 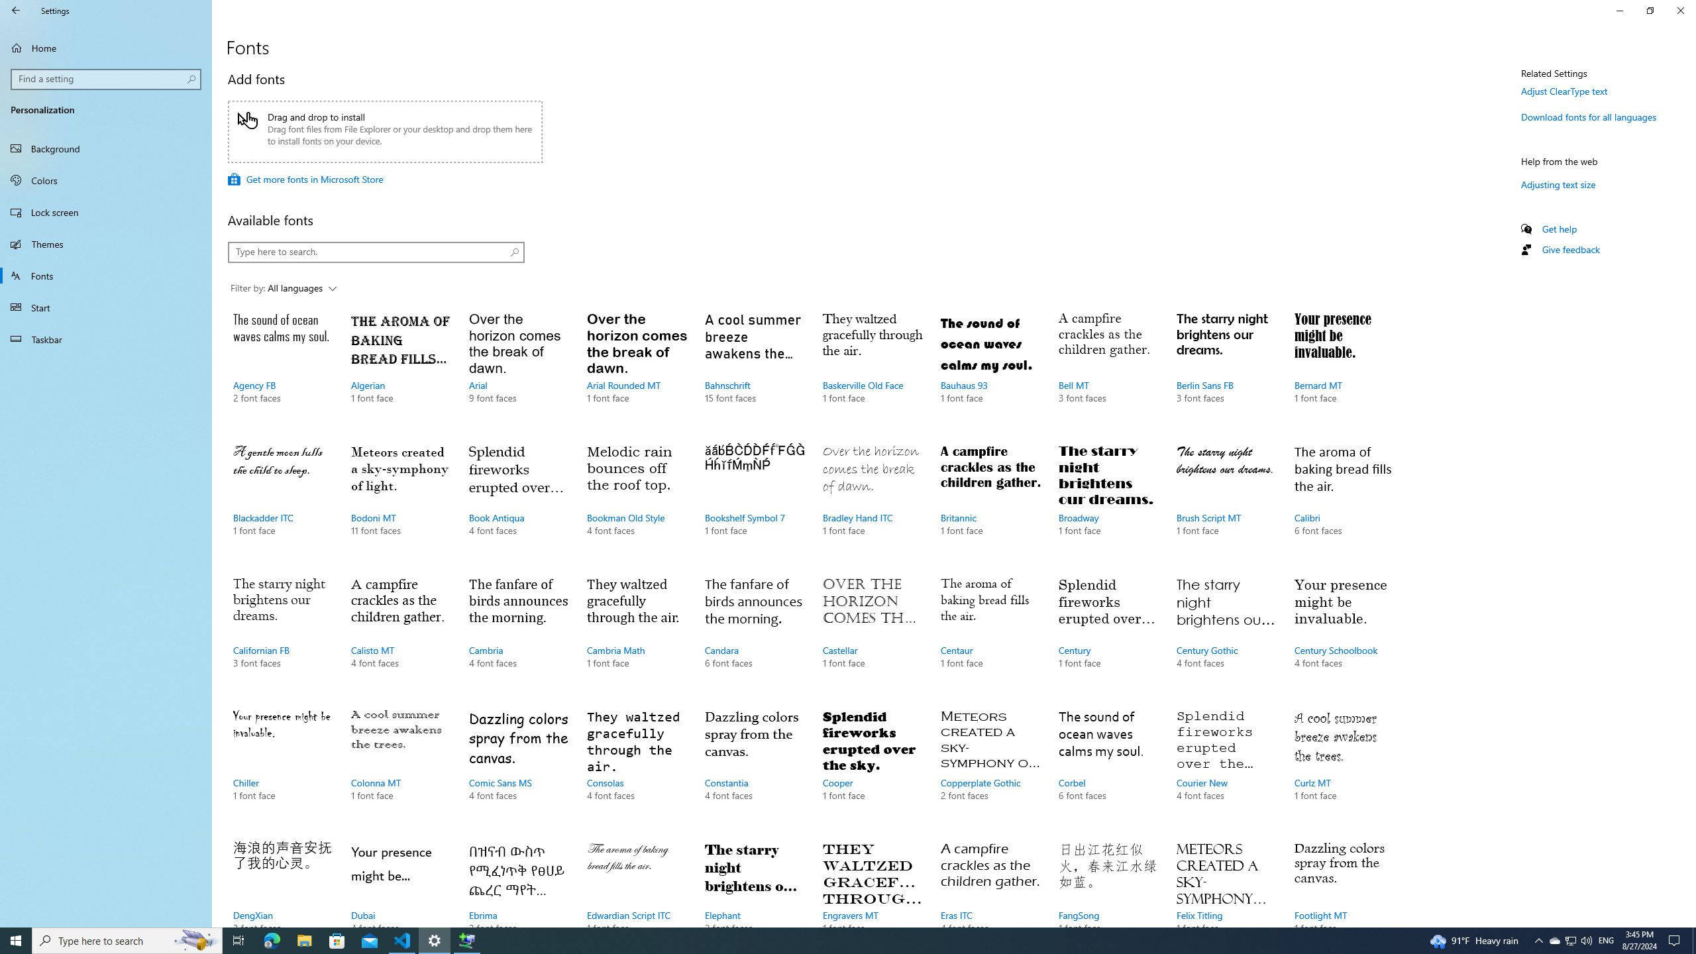 What do you see at coordinates (754, 370) in the screenshot?
I see `'Bahnschrift, 15 font faces'` at bounding box center [754, 370].